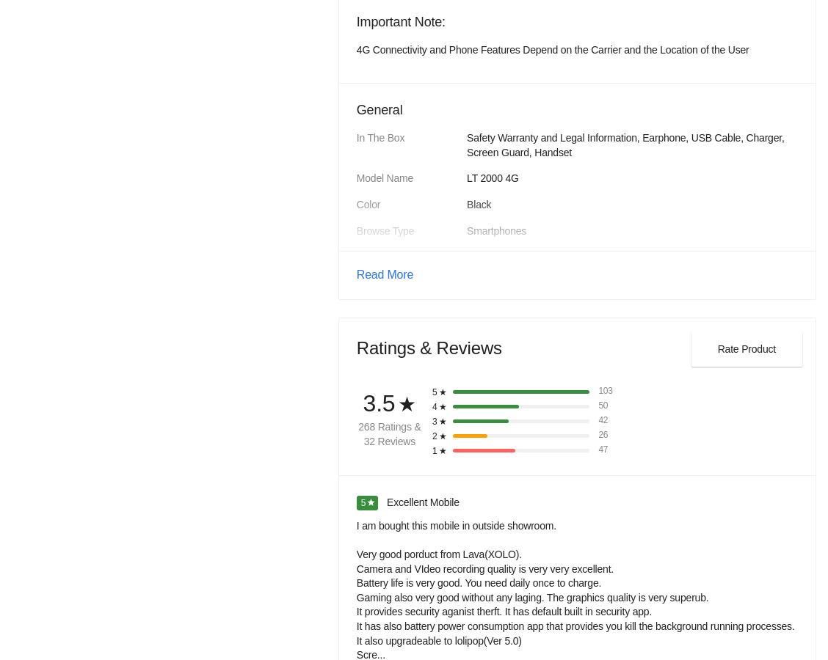 Image resolution: width=828 pixels, height=660 pixels. I want to click on '1.2 GHz', so click(485, 640).